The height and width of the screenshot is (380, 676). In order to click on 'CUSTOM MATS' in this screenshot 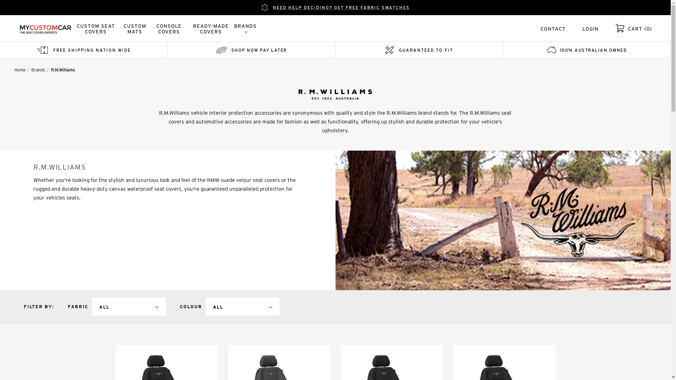, I will do `click(120, 28)`.